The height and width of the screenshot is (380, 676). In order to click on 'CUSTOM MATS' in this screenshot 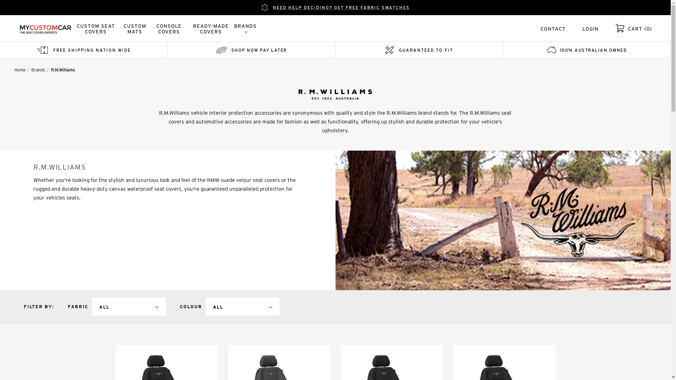, I will do `click(120, 28)`.